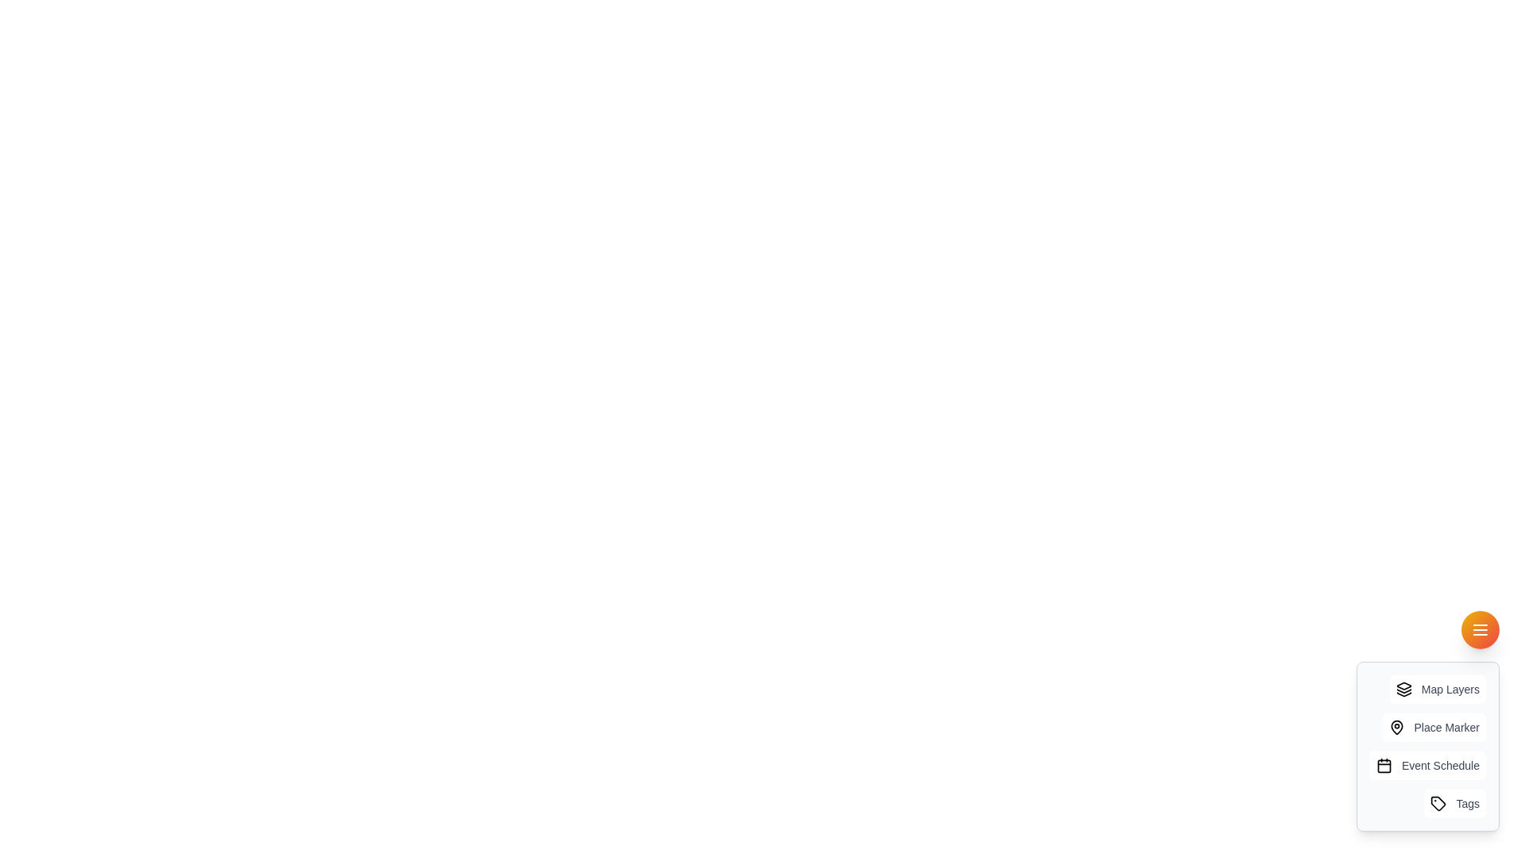 This screenshot has height=857, width=1525. What do you see at coordinates (1434, 728) in the screenshot?
I see `the 'Place Marker' item in the menu` at bounding box center [1434, 728].